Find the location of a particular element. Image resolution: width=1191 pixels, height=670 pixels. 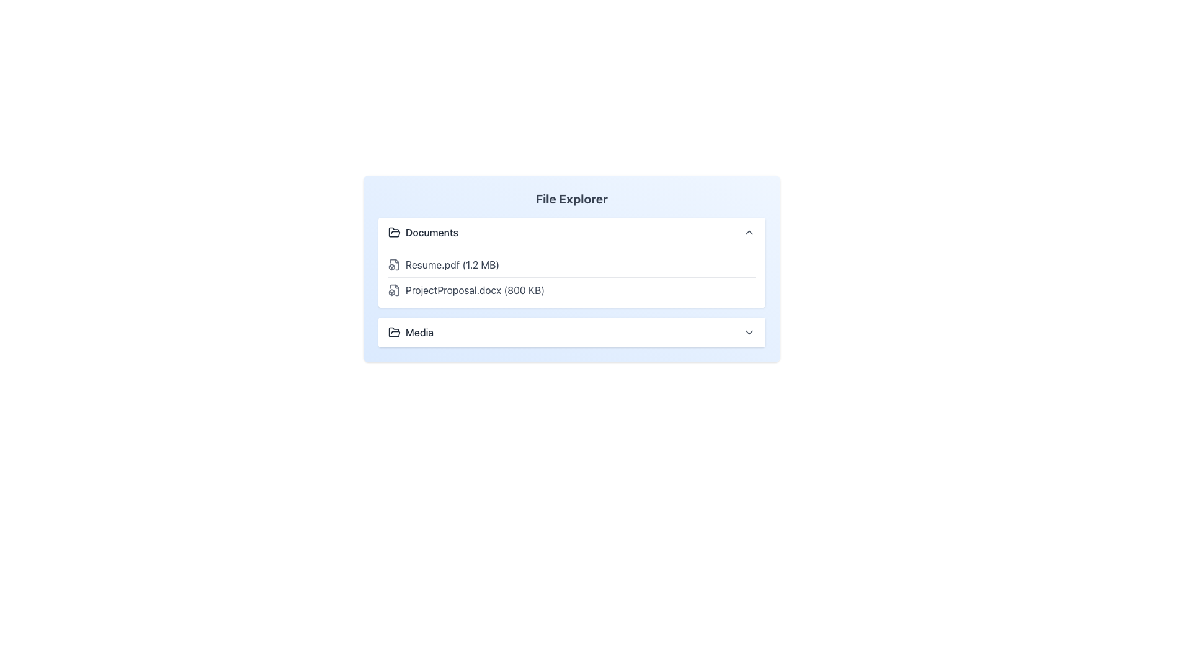

the collapsible toggle button for the 'Documents' section in the 'File Explorer' interface is located at coordinates (749, 232).